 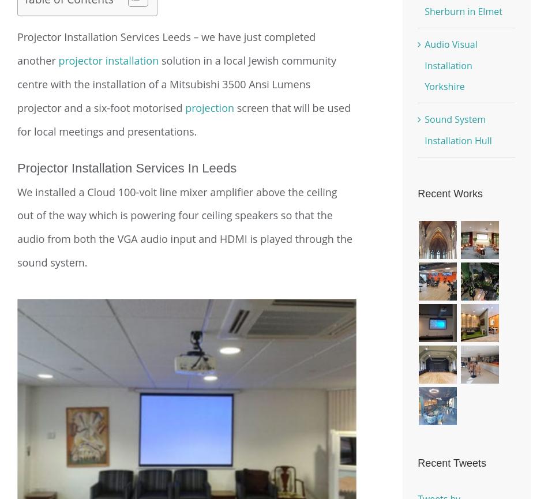 What do you see at coordinates (451, 462) in the screenshot?
I see `'Recent Tweets'` at bounding box center [451, 462].